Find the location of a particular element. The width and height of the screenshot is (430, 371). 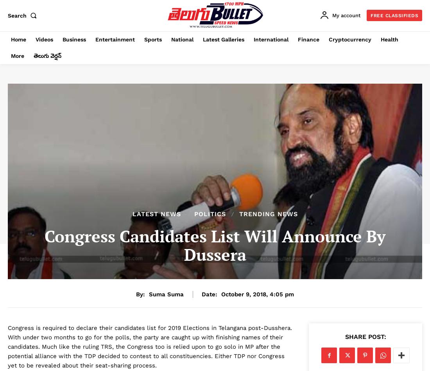

'Videos' is located at coordinates (44, 39).